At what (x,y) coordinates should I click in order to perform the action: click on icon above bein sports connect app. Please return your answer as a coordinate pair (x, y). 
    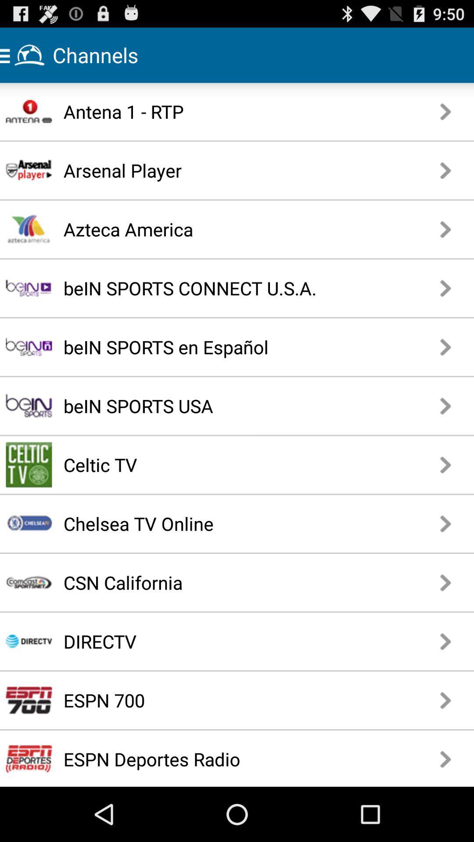
    Looking at the image, I should click on (214, 229).